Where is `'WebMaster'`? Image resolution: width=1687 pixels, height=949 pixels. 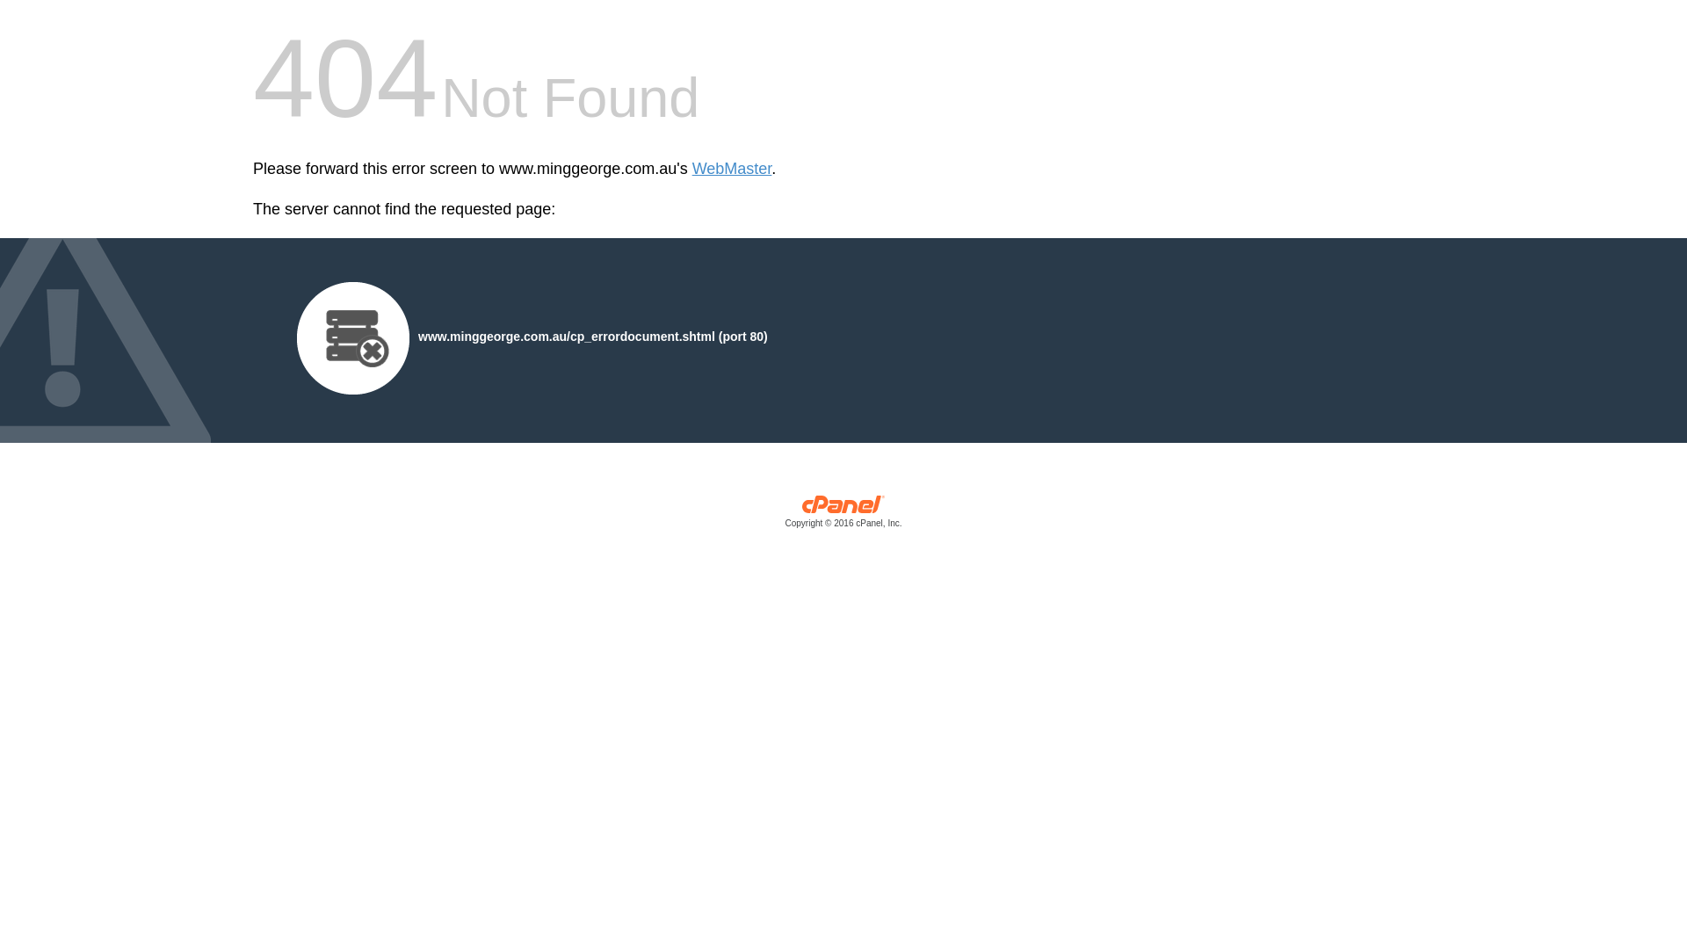 'WebMaster' is located at coordinates (691, 169).